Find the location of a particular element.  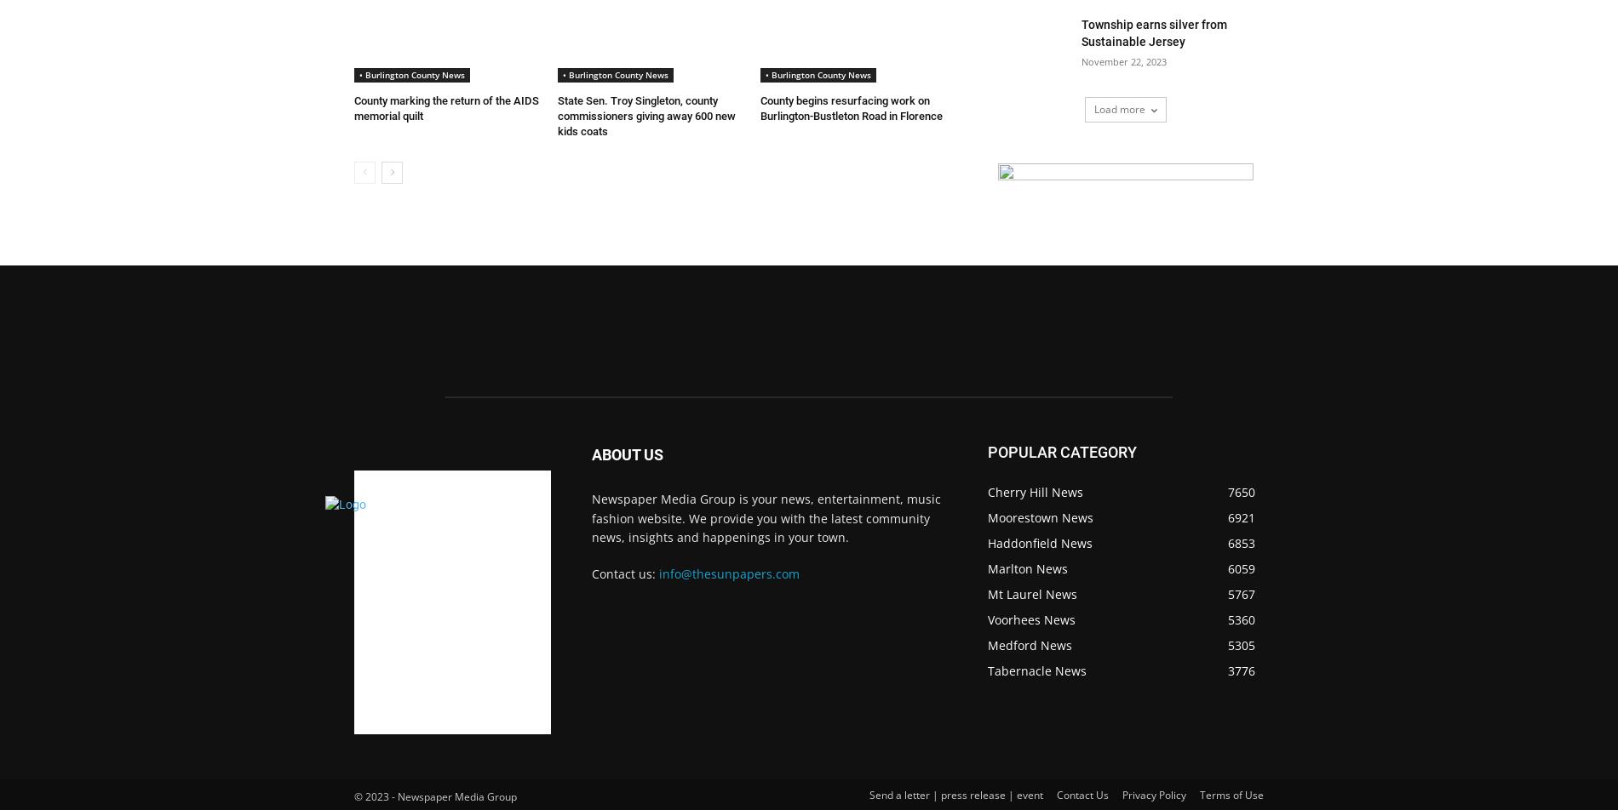

'Haddonfield News' is located at coordinates (1039, 543).